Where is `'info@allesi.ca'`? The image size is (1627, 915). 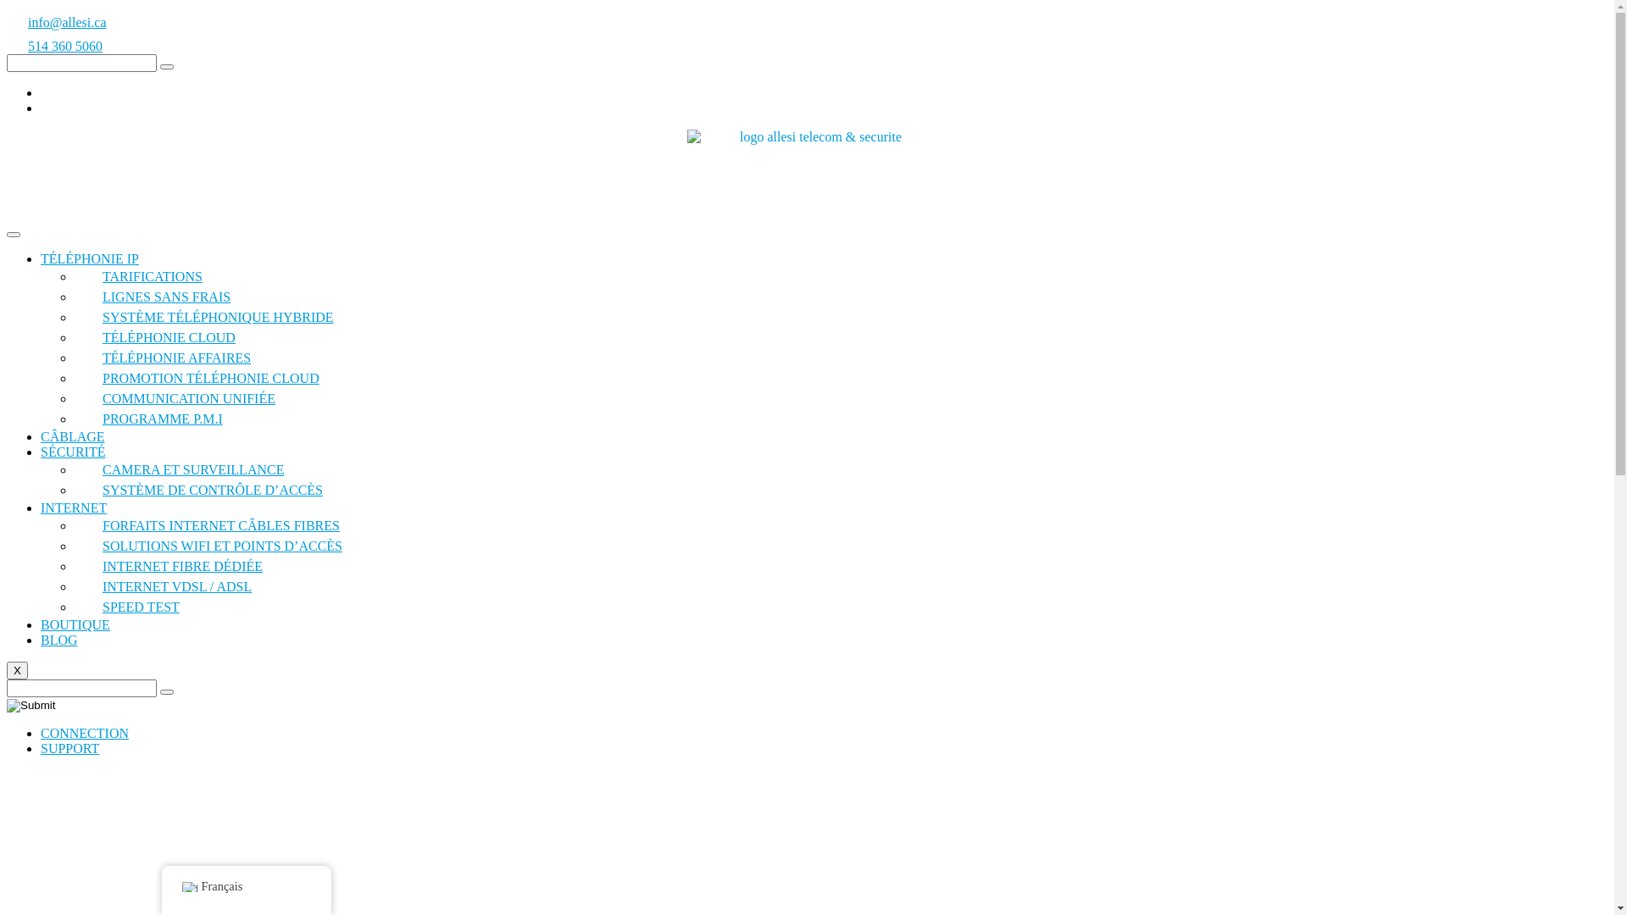 'info@allesi.ca' is located at coordinates (813, 19).